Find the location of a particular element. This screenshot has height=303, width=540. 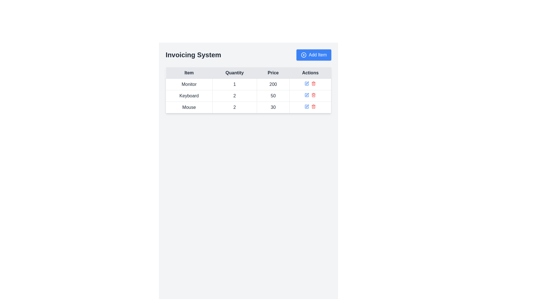

the 'Price' header label in the table, which indicates the price information for corresponding items, located between 'Quantity' and 'Actions' is located at coordinates (273, 73).